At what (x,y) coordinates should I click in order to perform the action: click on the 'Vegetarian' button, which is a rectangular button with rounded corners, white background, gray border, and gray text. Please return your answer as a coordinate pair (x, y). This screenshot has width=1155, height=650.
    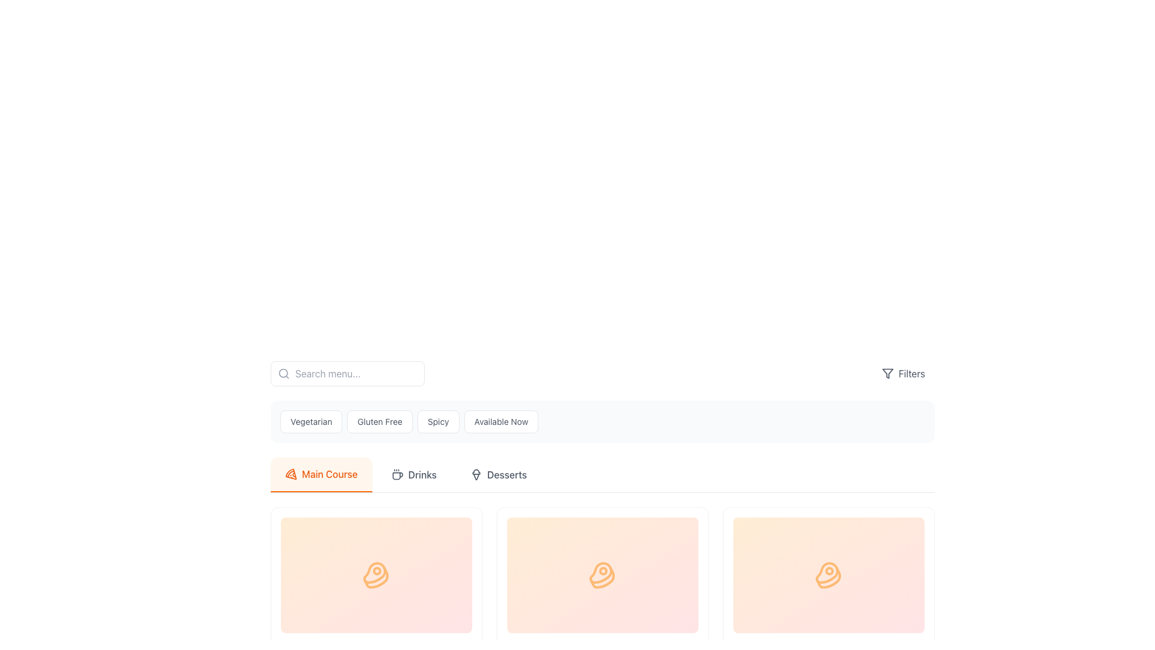
    Looking at the image, I should click on (311, 421).